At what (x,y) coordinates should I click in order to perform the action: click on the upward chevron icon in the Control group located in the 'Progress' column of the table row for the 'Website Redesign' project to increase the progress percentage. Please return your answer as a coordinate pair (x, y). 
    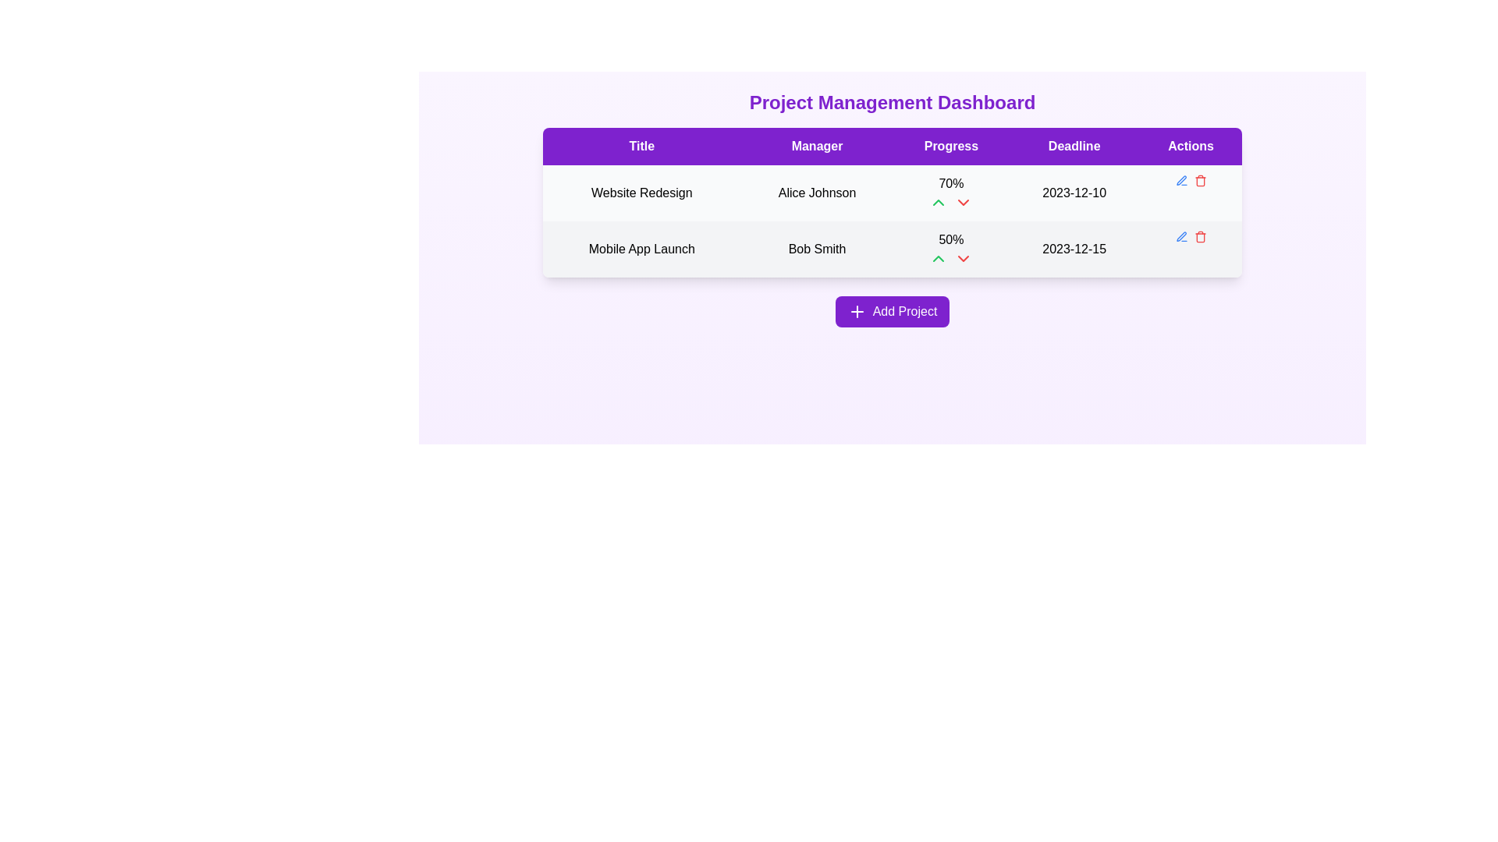
    Looking at the image, I should click on (950, 201).